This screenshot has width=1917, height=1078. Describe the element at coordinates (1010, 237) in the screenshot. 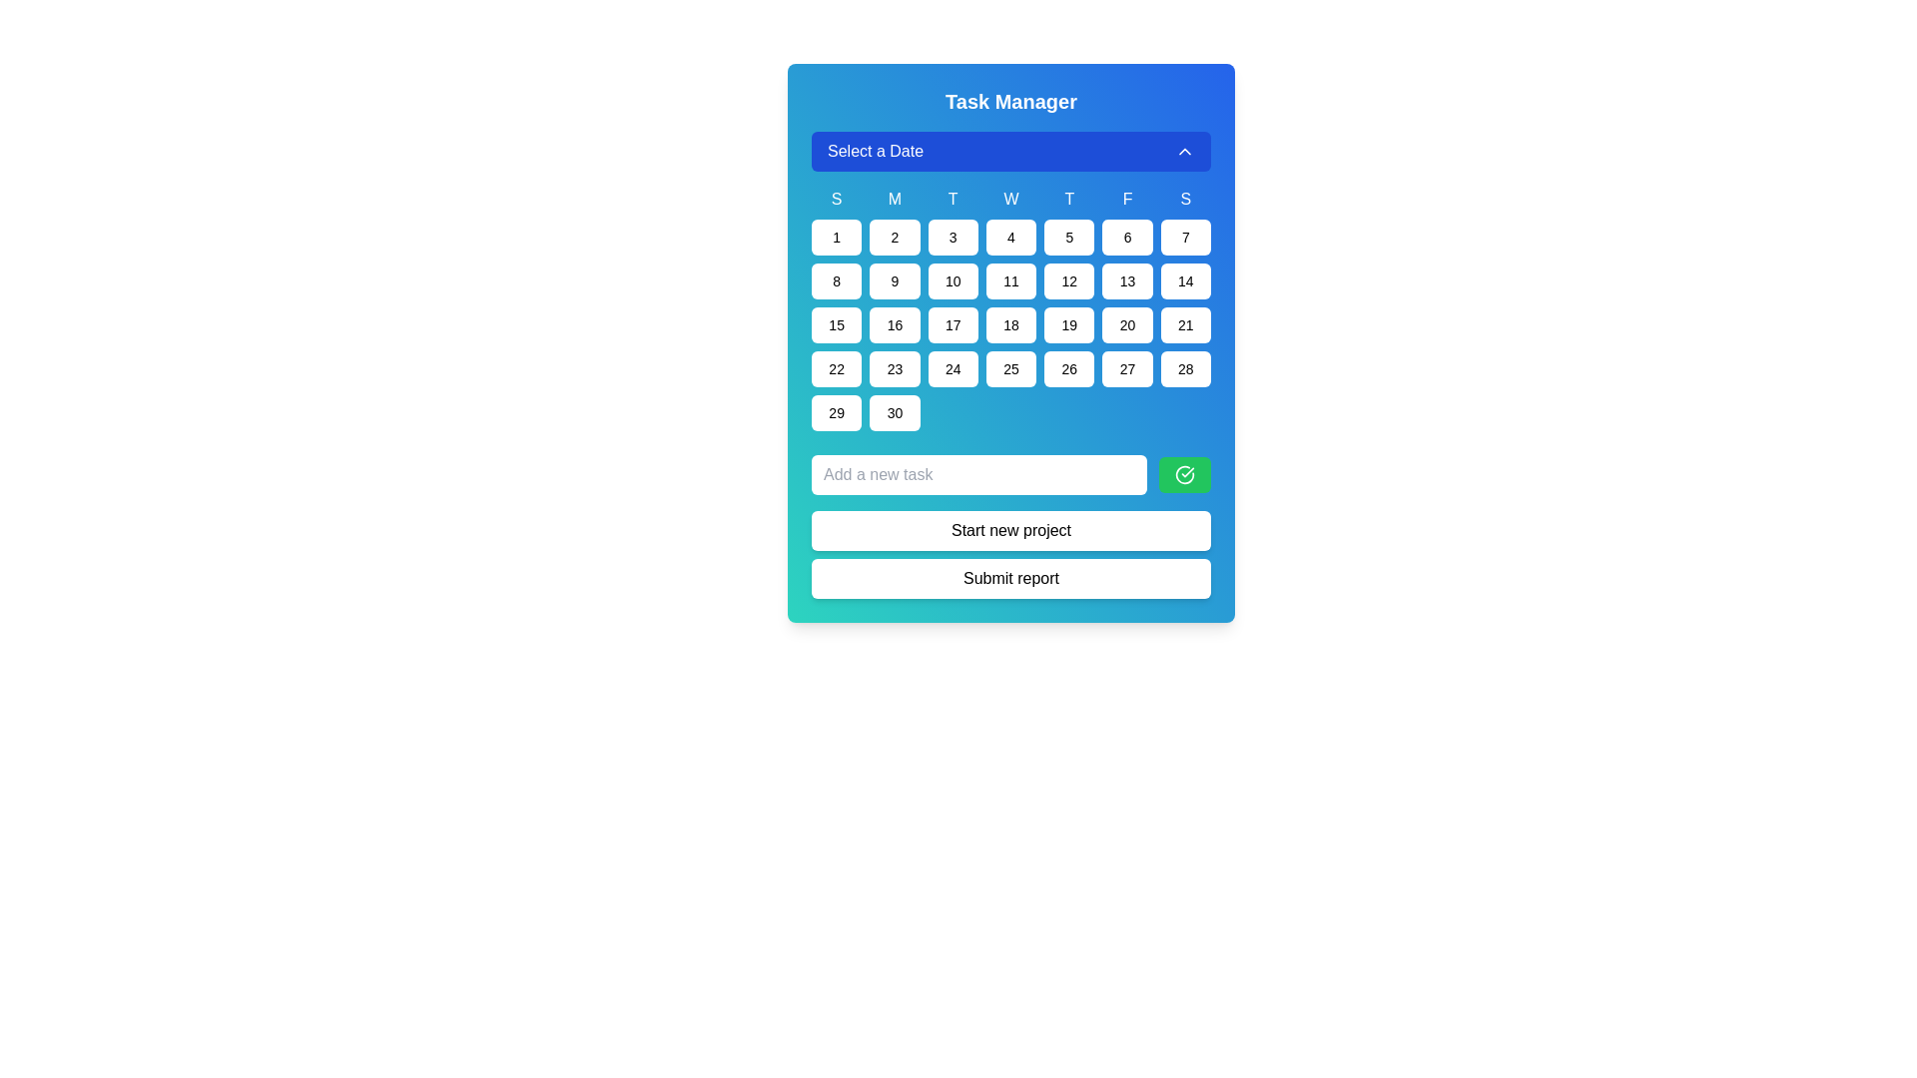

I see `the rectangular button labeled '4' located in the first row under the 'W' (Wednesday) header for potential additional functionality` at that location.